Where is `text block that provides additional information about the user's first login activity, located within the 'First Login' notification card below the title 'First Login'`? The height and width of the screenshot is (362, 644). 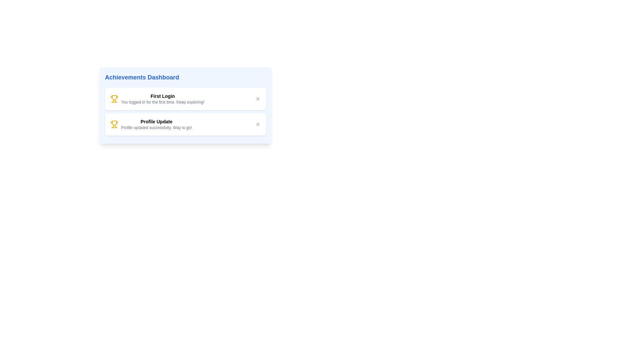
text block that provides additional information about the user's first login activity, located within the 'First Login' notification card below the title 'First Login' is located at coordinates (163, 102).